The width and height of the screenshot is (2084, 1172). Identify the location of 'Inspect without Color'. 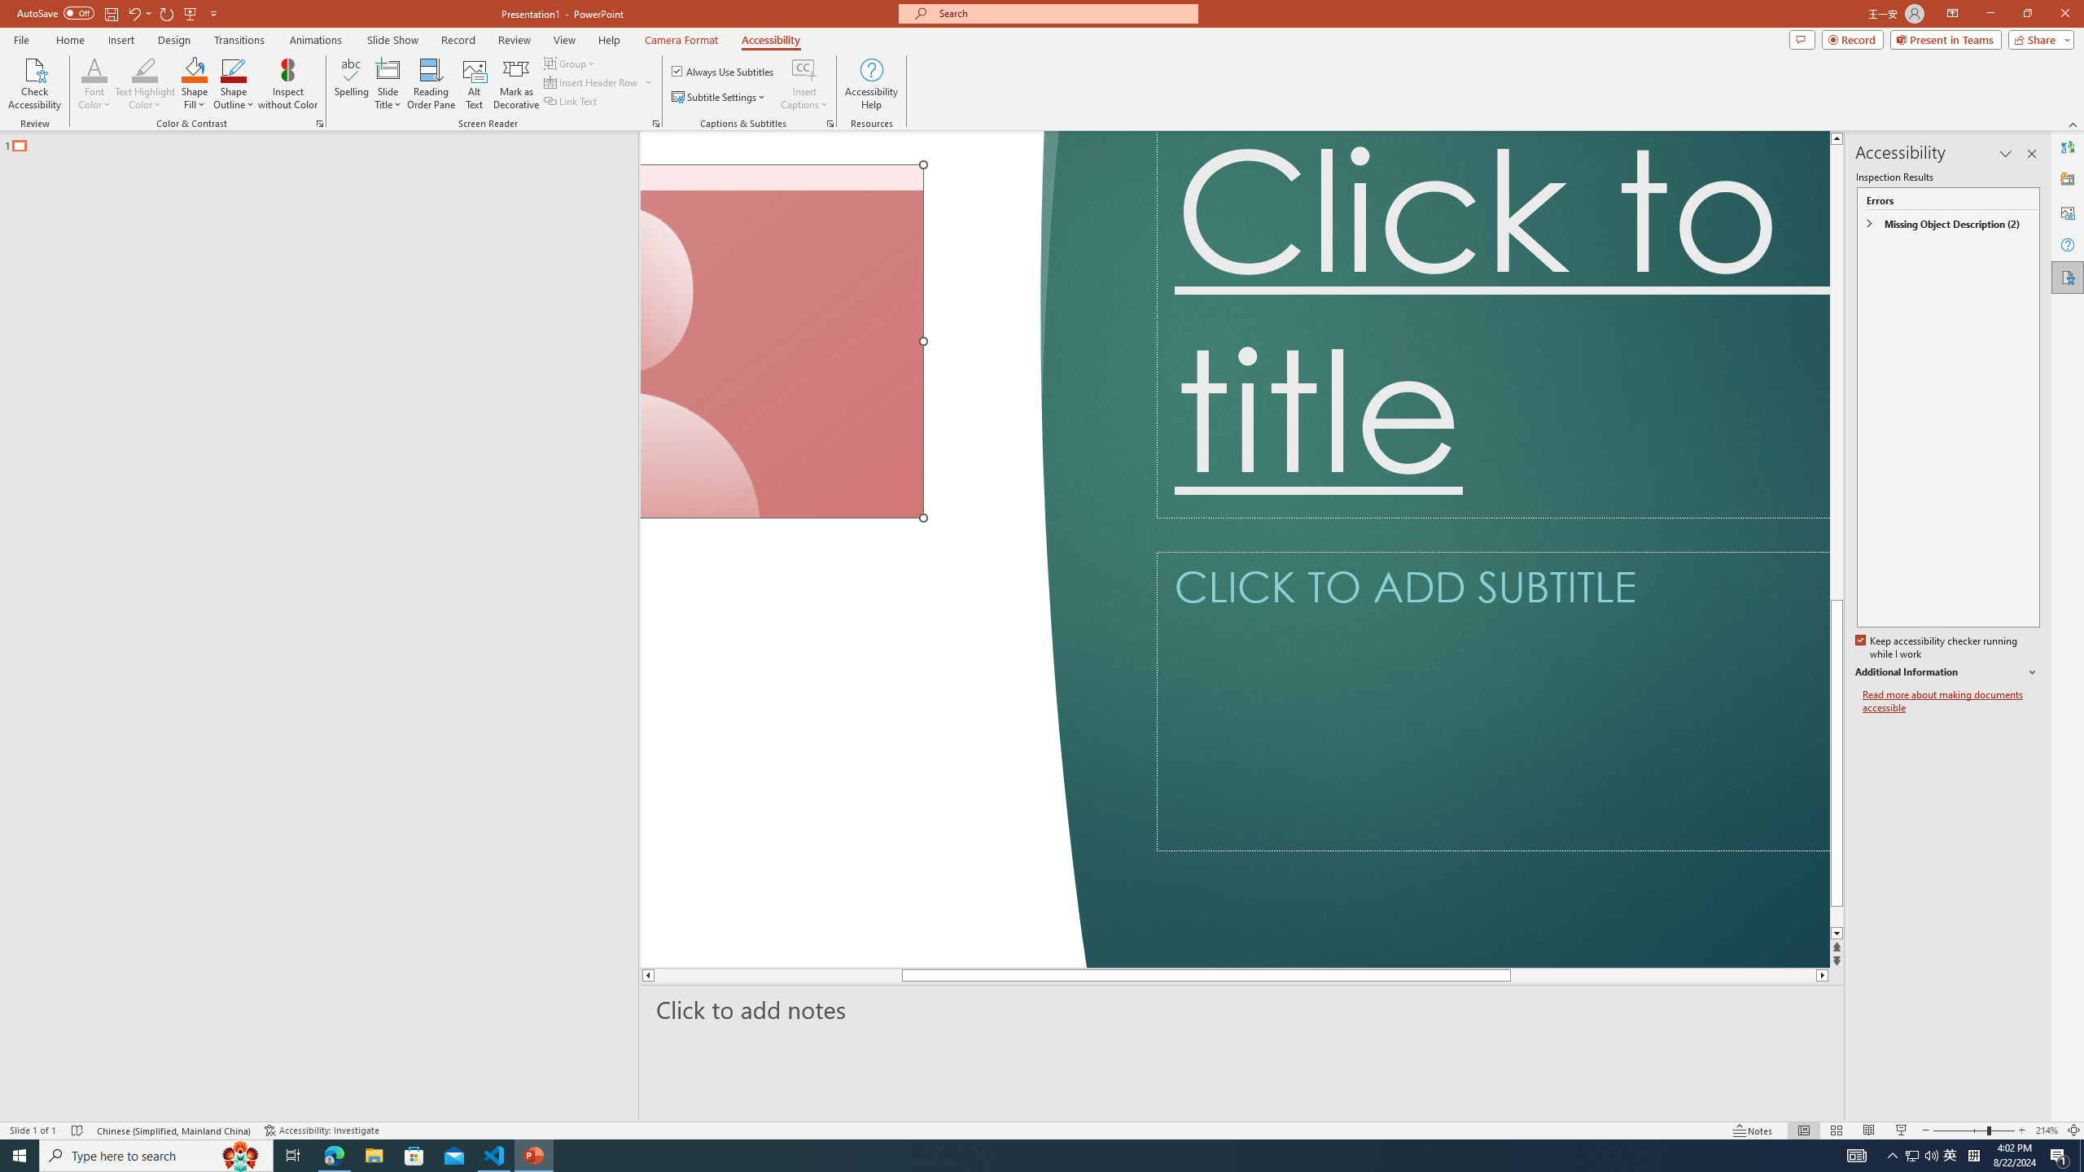
(288, 84).